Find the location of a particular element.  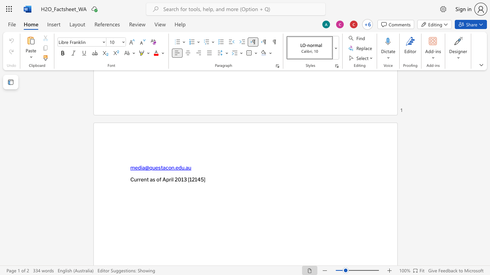

the space between the continuous character "u" and "." in the text is located at coordinates (184, 167).